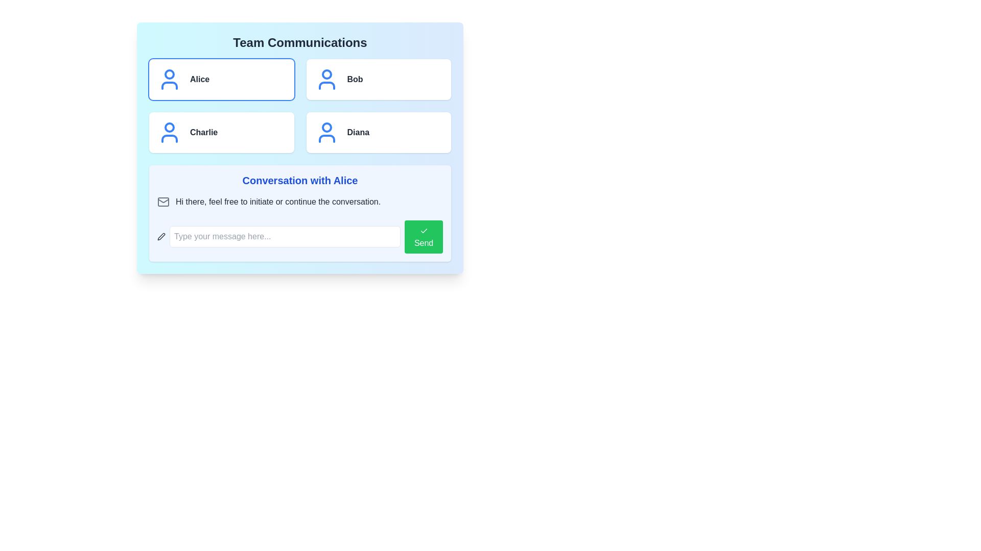 This screenshot has height=551, width=981. What do you see at coordinates (424, 231) in the screenshot?
I see `the checkmark icon located inside the green 'Send' button, which is positioned to the right of the message input field` at bounding box center [424, 231].